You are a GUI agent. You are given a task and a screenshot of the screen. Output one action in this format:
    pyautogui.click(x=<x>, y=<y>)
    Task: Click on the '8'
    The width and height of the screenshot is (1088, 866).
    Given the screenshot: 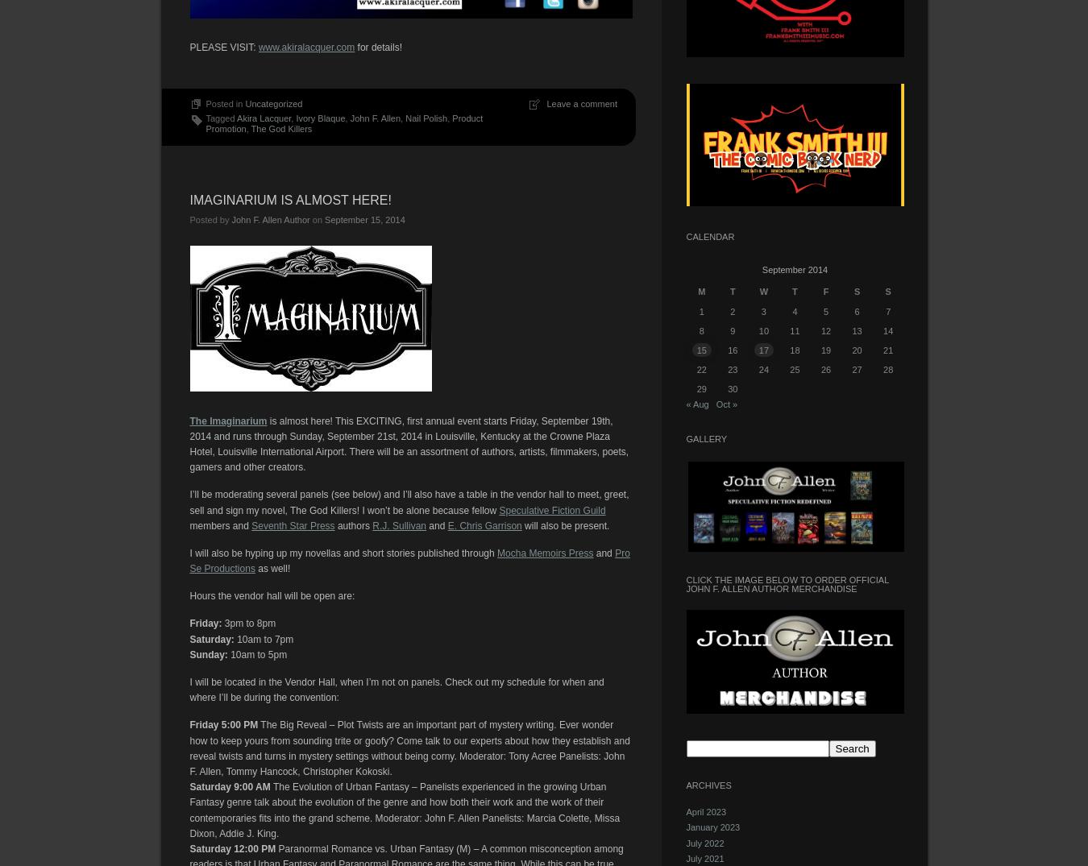 What is the action you would take?
    pyautogui.click(x=700, y=329)
    